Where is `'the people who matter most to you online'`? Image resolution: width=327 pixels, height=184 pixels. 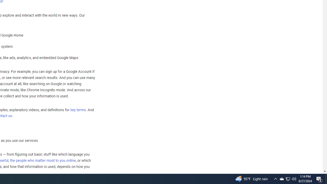
'the people who matter most to you online' is located at coordinates (43, 160).